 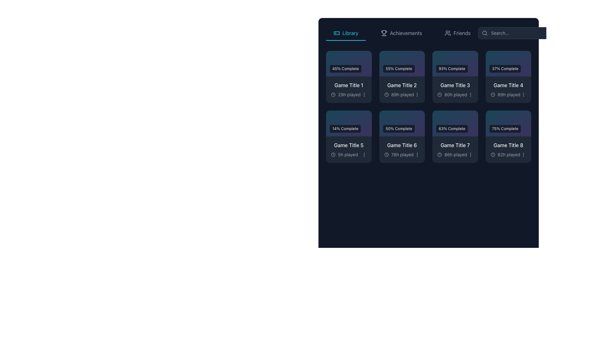 I want to click on progress percentage from the text label displaying '63% Complete' within the progress card in the Library section, so click(x=455, y=123).